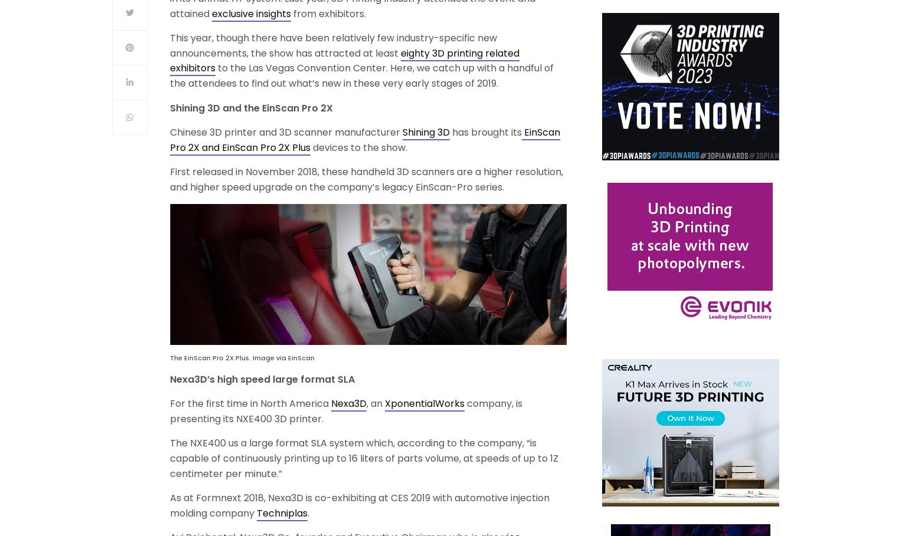 Image resolution: width=915 pixels, height=536 pixels. Describe the element at coordinates (424, 403) in the screenshot. I see `'XponentialWorks'` at that location.